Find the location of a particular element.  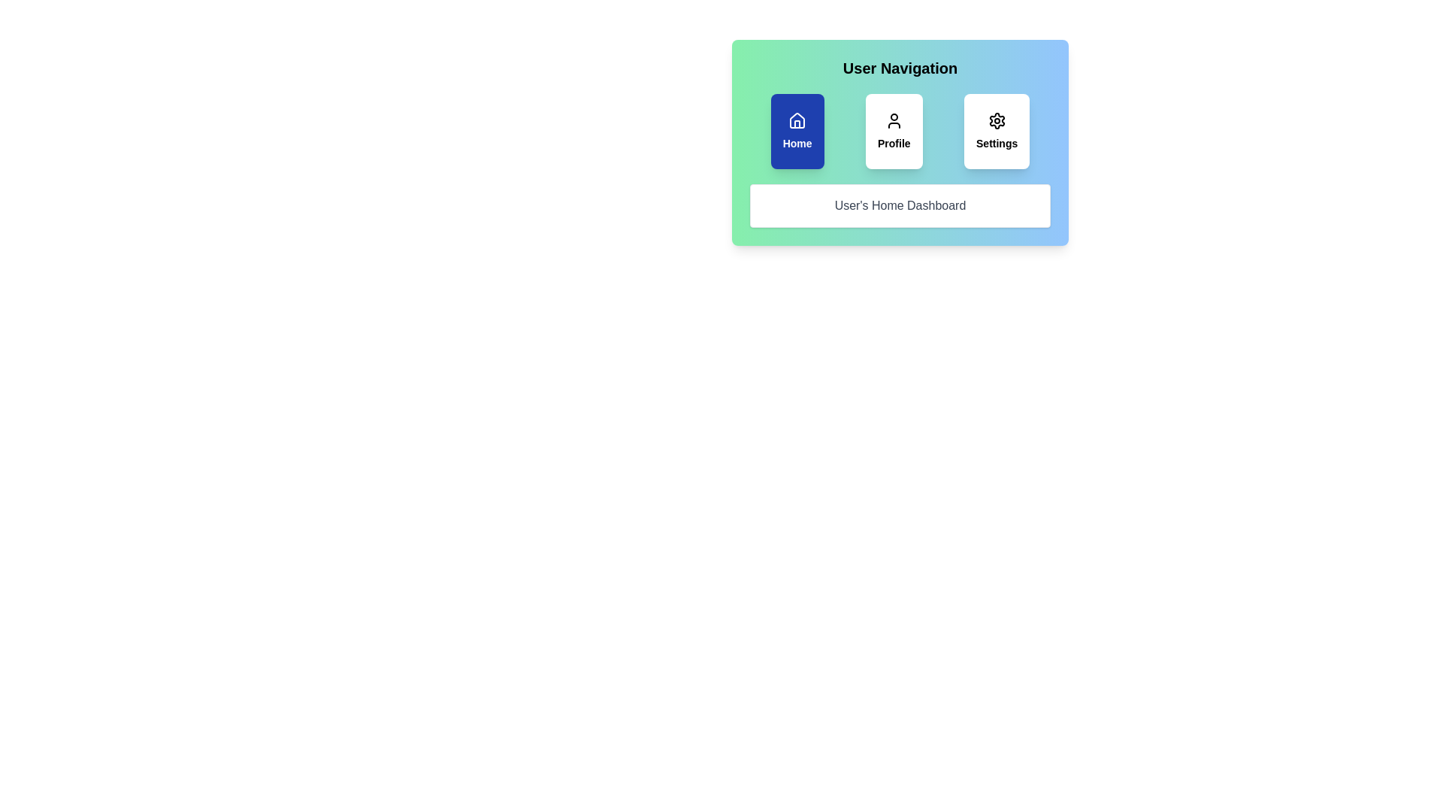

the Profile tab by clicking on its respective button is located at coordinates (894, 130).